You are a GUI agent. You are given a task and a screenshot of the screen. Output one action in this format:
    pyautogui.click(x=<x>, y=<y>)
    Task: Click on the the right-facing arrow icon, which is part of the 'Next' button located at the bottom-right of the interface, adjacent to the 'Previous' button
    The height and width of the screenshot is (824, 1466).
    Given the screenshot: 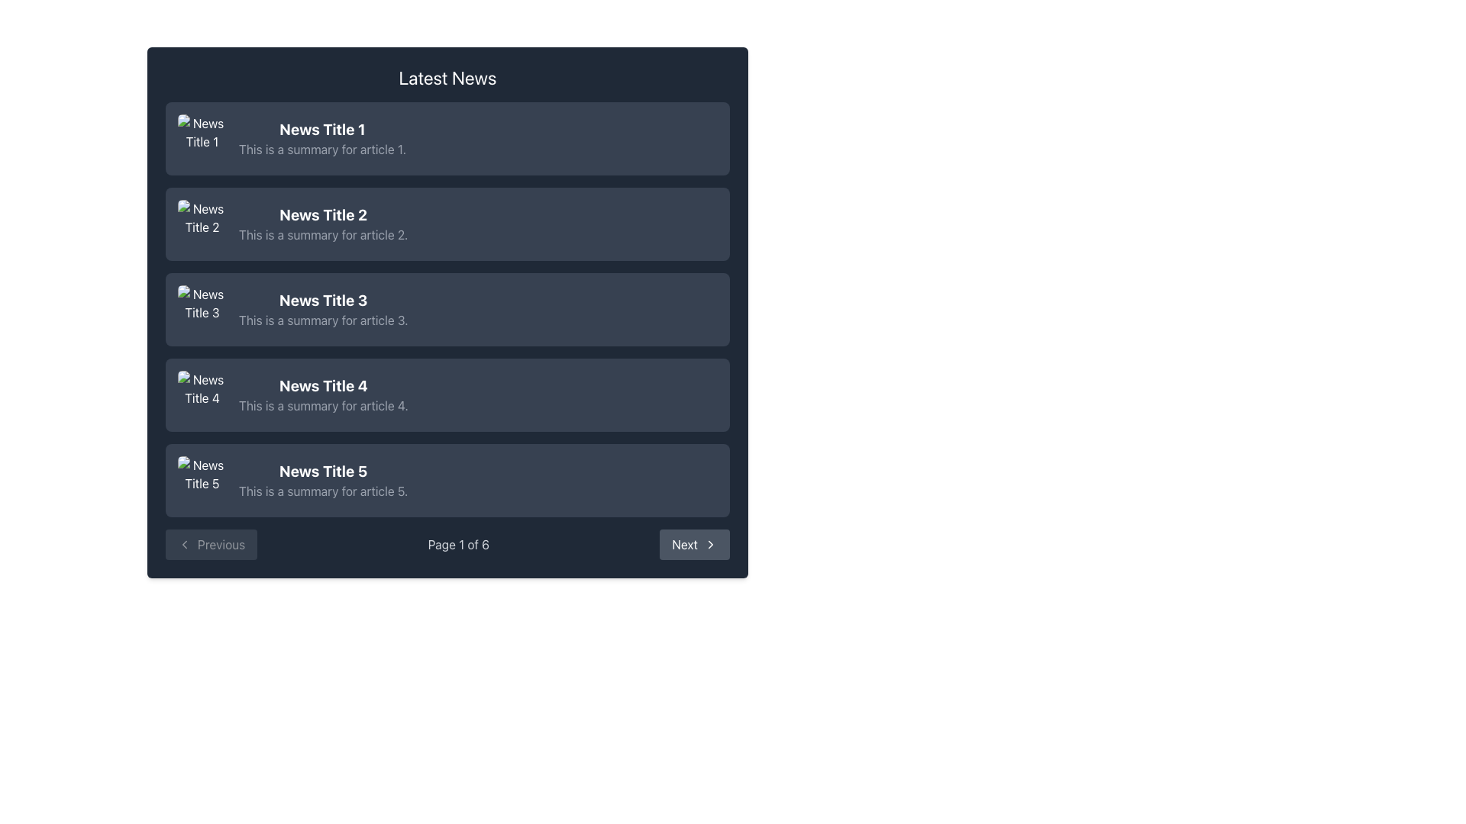 What is the action you would take?
    pyautogui.click(x=710, y=543)
    